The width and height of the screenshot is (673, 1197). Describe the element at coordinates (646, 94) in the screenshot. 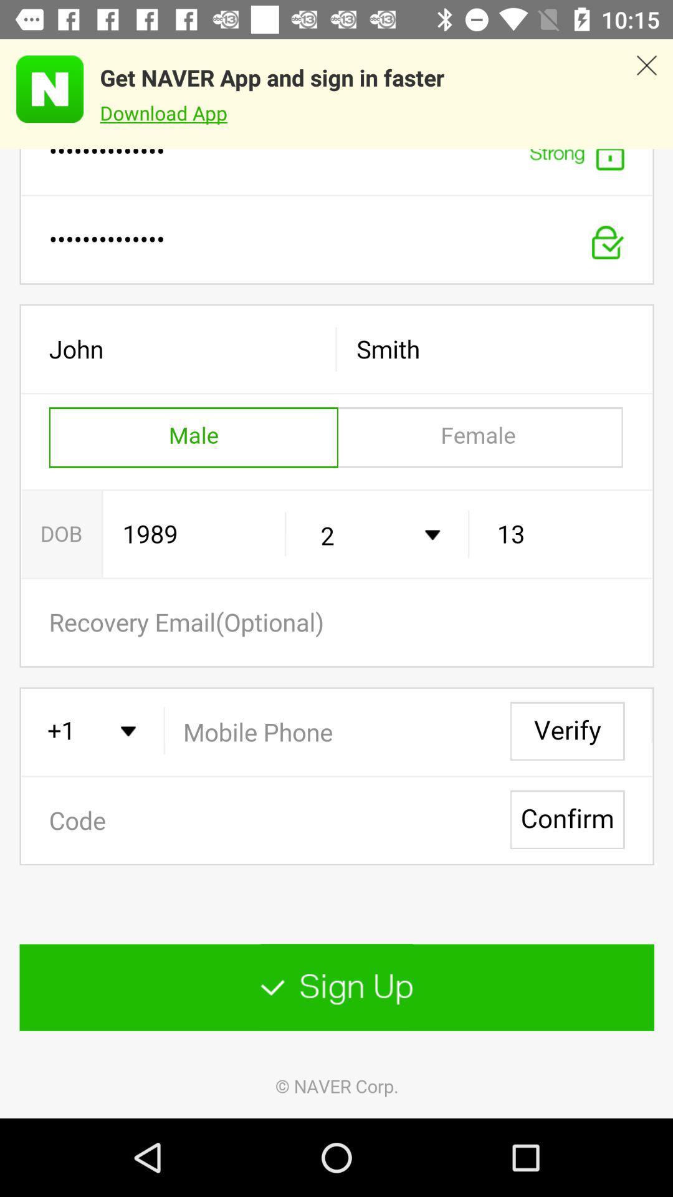

I see `app` at that location.